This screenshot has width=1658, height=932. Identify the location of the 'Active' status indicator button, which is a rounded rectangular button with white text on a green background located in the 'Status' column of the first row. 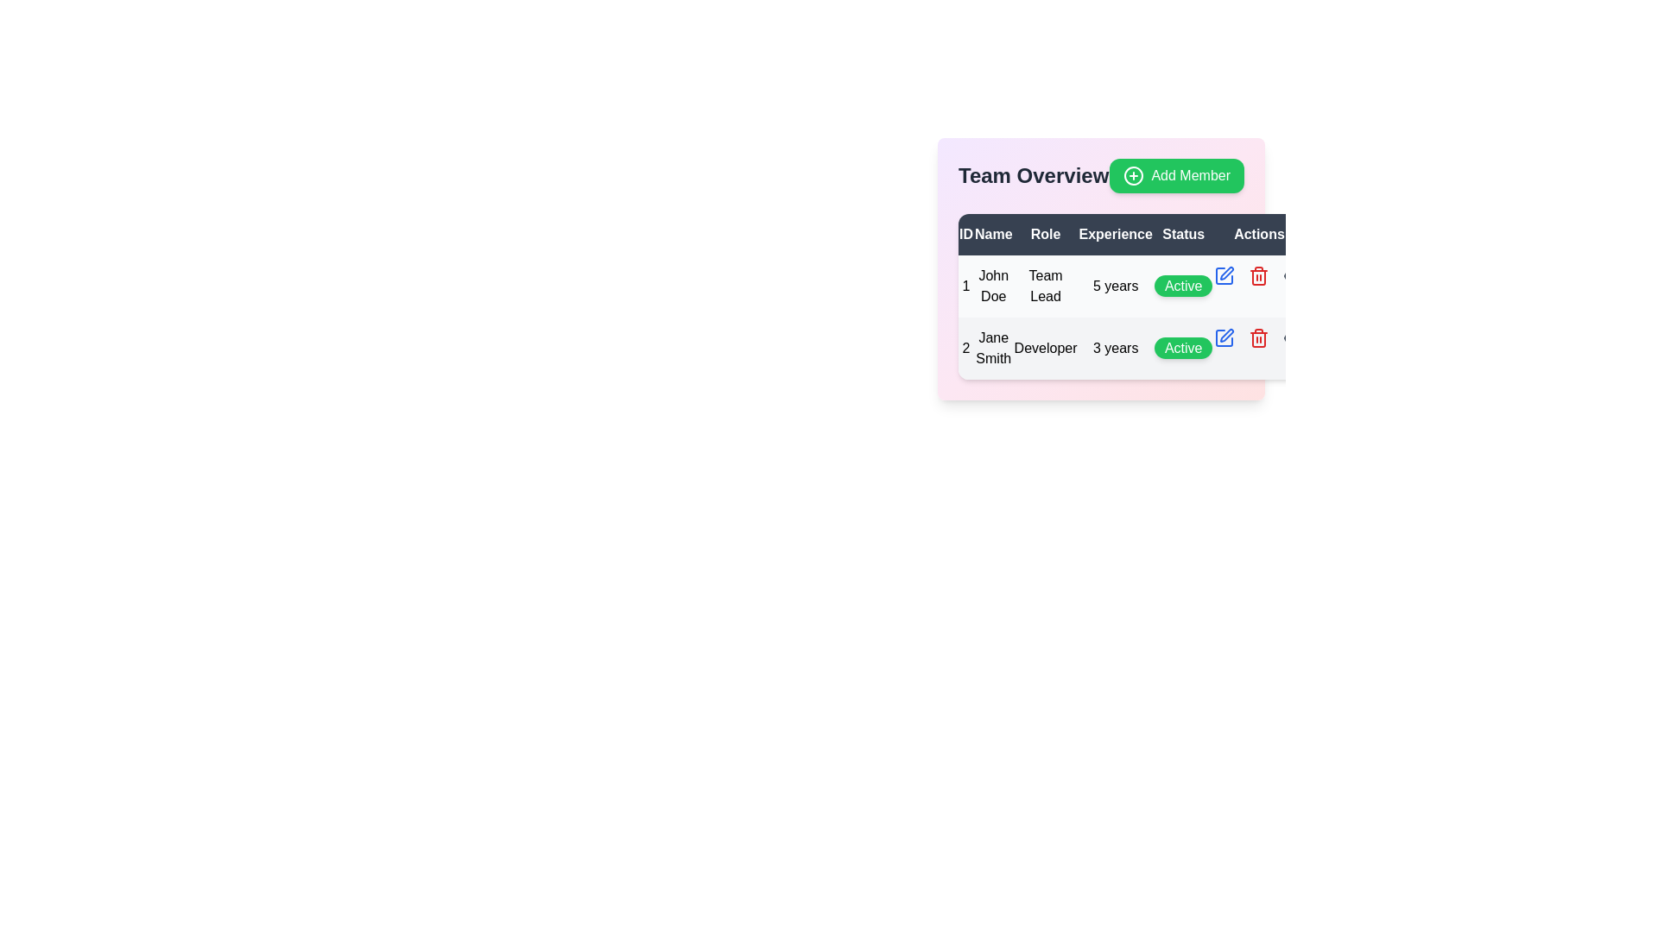
(1182, 285).